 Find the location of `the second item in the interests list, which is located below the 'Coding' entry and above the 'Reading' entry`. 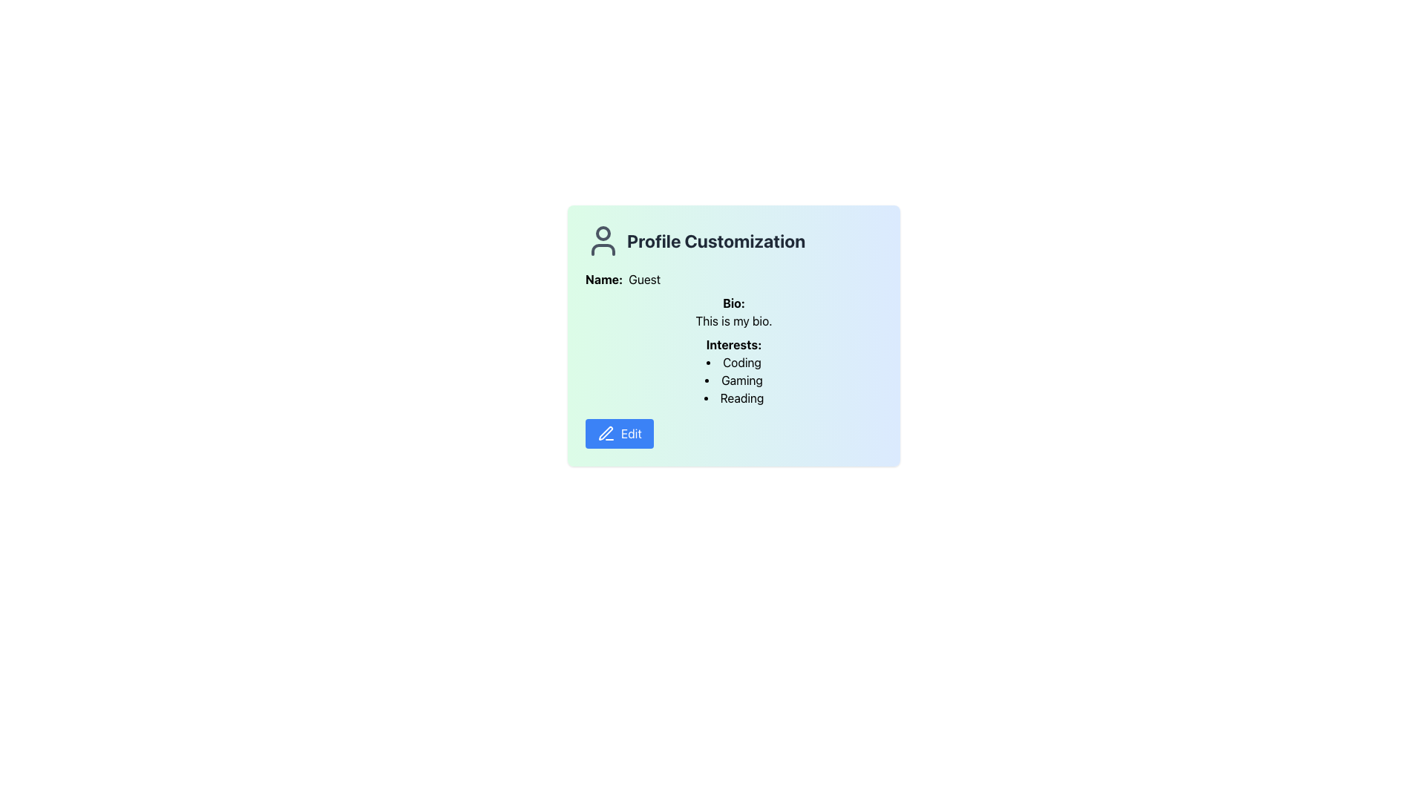

the second item in the interests list, which is located below the 'Coding' entry and above the 'Reading' entry is located at coordinates (733, 380).